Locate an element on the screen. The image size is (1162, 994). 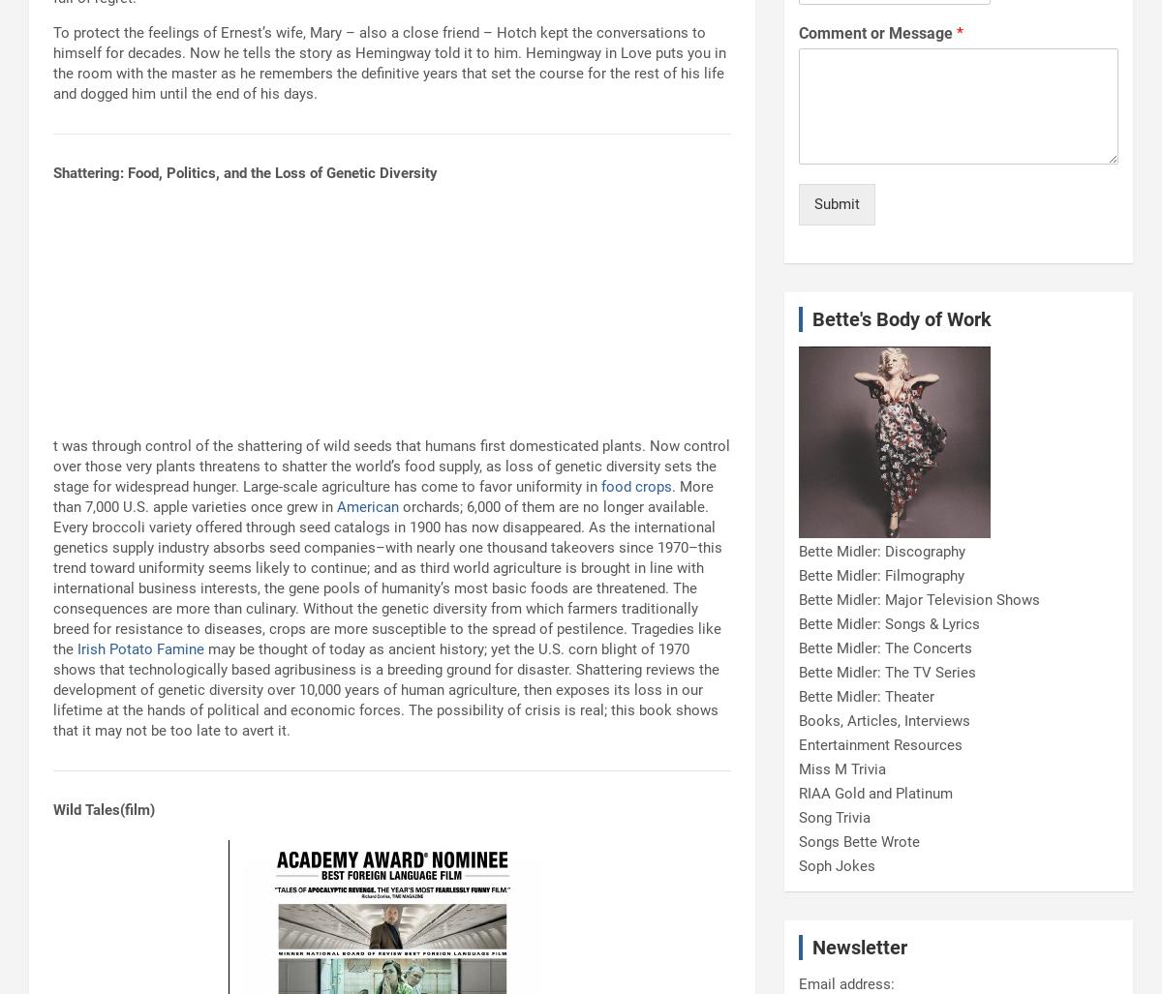
'orchards; 6,000 of them are no longer available. Every broccoli variety offered through seed catalogs in 1900 has now disappeared. As the international genetics supply industry absorbs seed companies–with nearly one thousand takeovers since 1970–this trend toward uniformity seems likely to continue; and as third world agriculture is brought in line with international business interests, the gene pools of humanity’s most basic foods are threatened. The consequences are more than culinary. Without the genetic diversity from which farmers traditionally breed for resistance to diseases, crops are more susceptible to the spread of pestilence. Tragedies like the' is located at coordinates (52, 578).